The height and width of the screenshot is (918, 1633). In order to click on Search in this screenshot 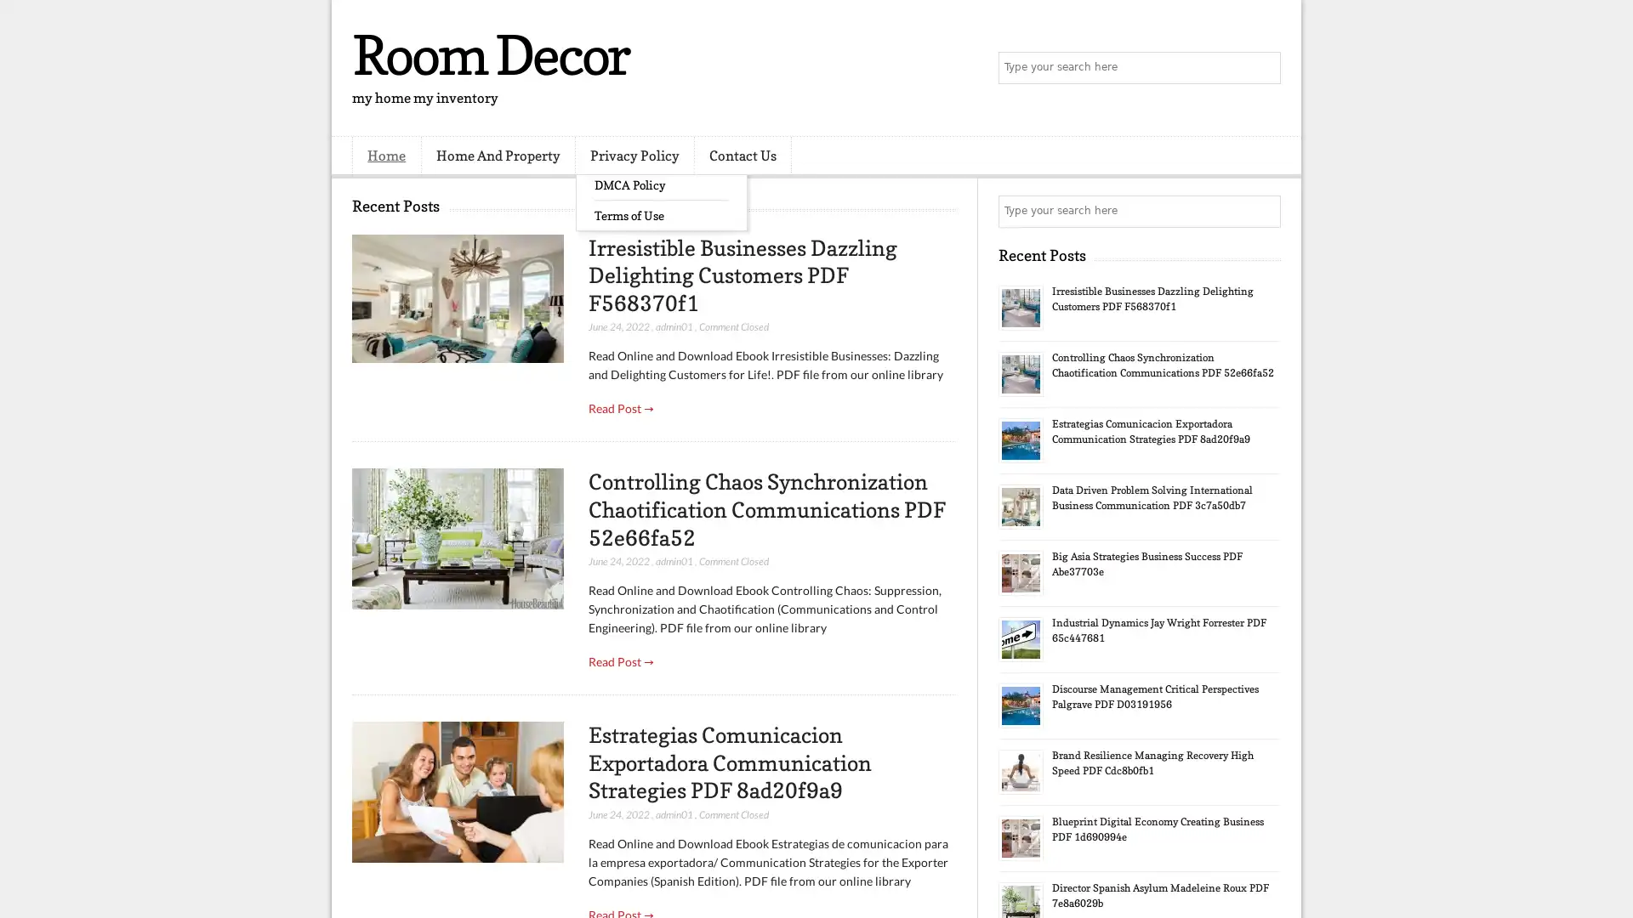, I will do `click(1263, 211)`.